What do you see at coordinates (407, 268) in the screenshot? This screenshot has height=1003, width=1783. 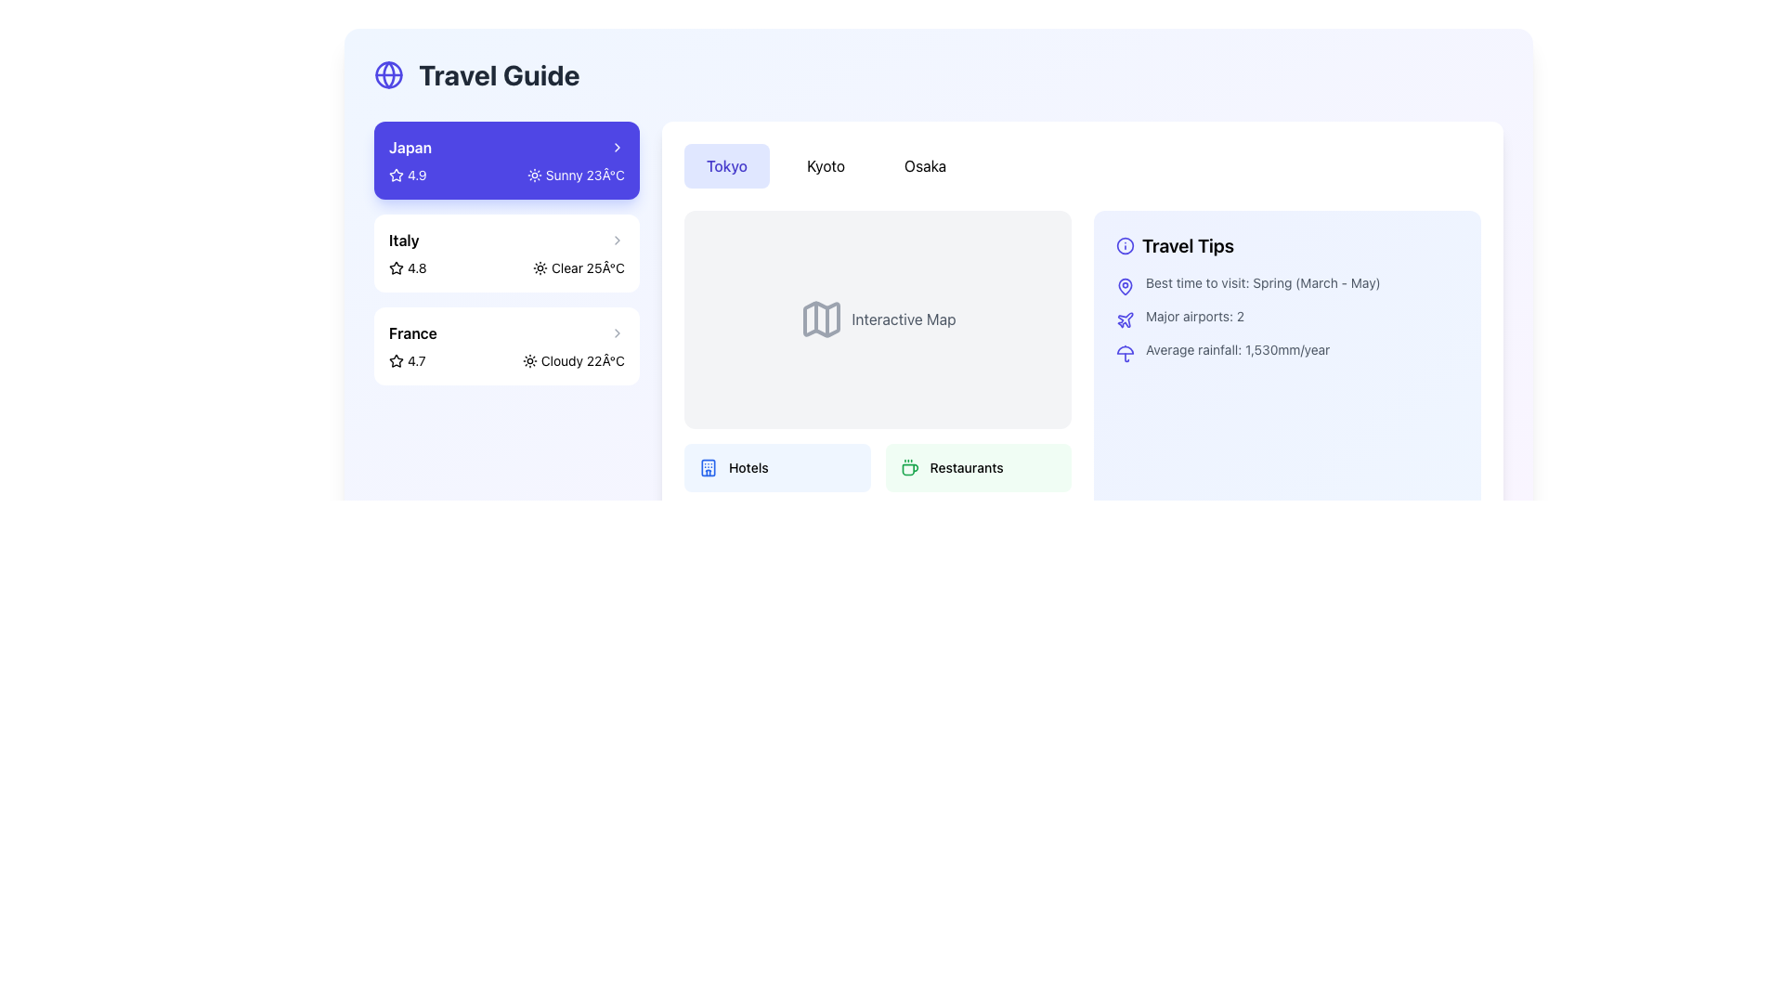 I see `and interpret the rating score displayed next to the travel destination entry for 'Italy' in the second row of the travel list on the left panel` at bounding box center [407, 268].